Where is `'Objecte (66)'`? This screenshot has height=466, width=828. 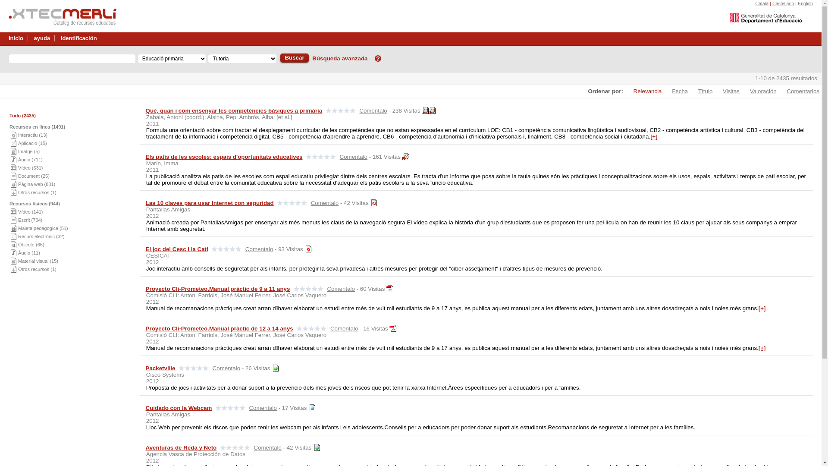 'Objecte (66)' is located at coordinates (31, 245).